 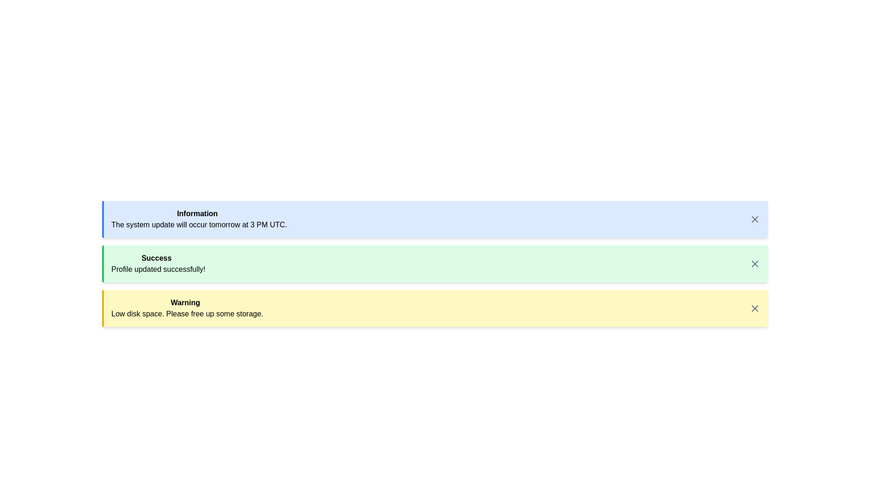 What do you see at coordinates (435, 219) in the screenshot?
I see `the notification alert message component titled 'Information' with the message about the system update scheduled for tomorrow at 3 PM UTC` at bounding box center [435, 219].